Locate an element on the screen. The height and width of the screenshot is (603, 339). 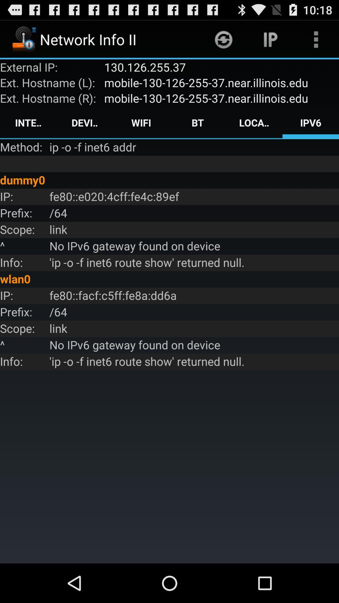
the app above the method: icon is located at coordinates (28, 122).